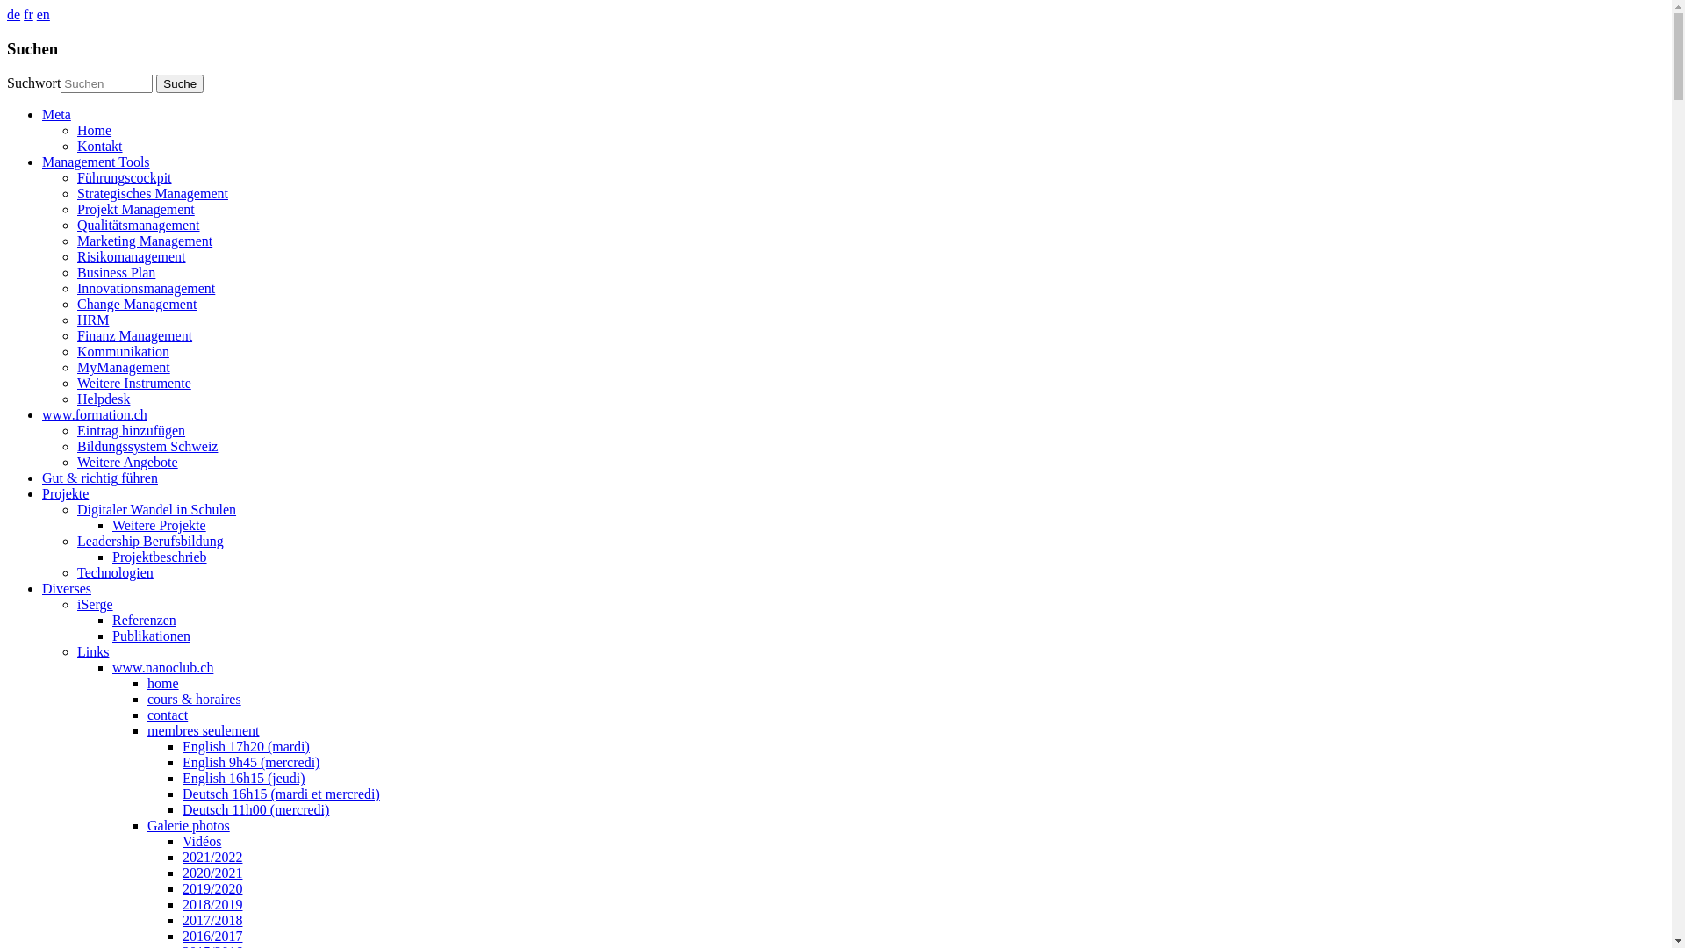 Image resolution: width=1685 pixels, height=948 pixels. Describe the element at coordinates (95, 162) in the screenshot. I see `'Management Tools'` at that location.